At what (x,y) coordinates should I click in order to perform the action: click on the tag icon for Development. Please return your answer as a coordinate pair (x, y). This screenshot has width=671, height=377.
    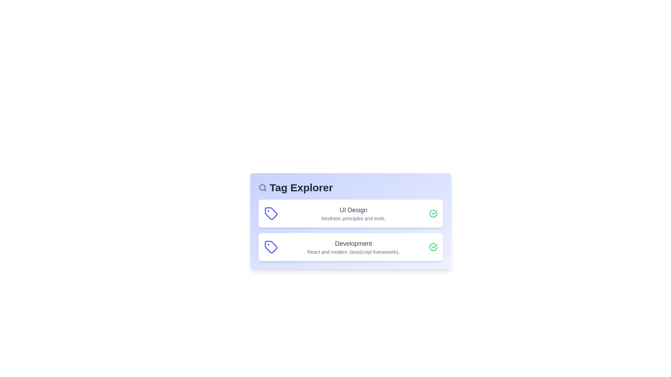
    Looking at the image, I should click on (270, 247).